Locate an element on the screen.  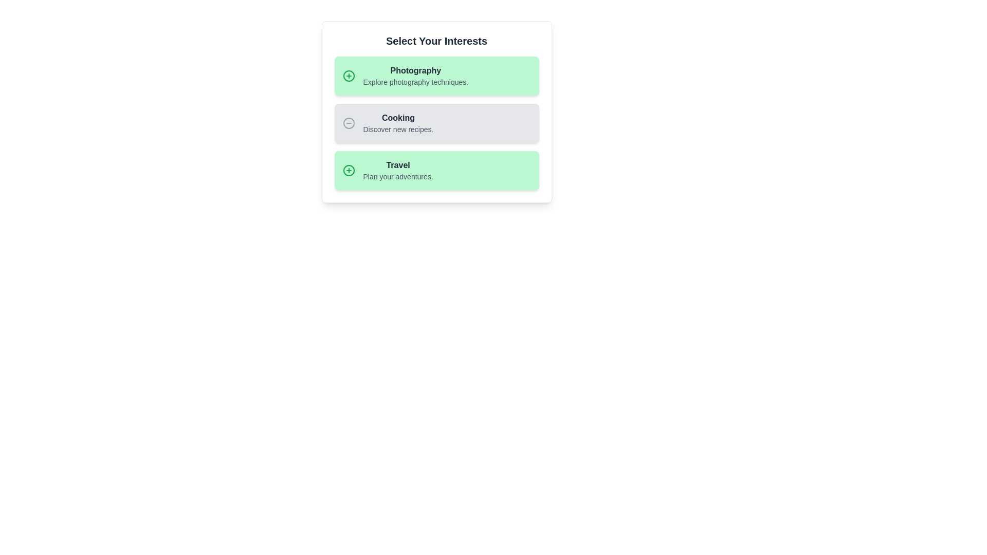
the interest Cooking is located at coordinates (436, 122).